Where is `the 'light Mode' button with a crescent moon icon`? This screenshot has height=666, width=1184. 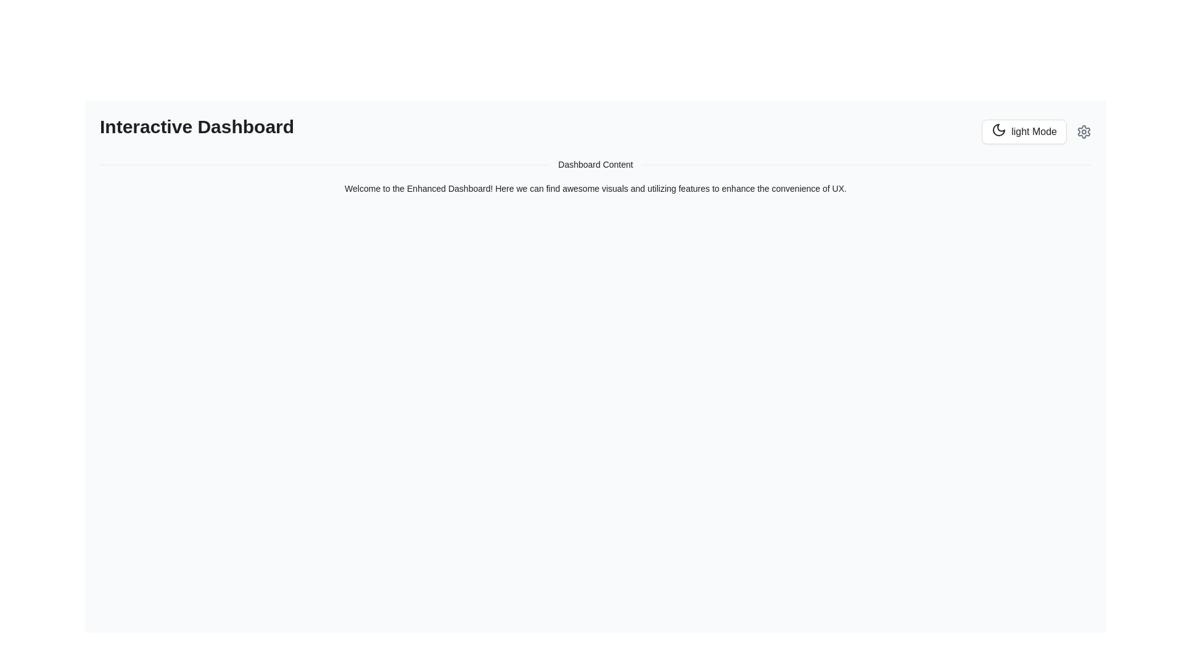 the 'light Mode' button with a crescent moon icon is located at coordinates (1024, 131).